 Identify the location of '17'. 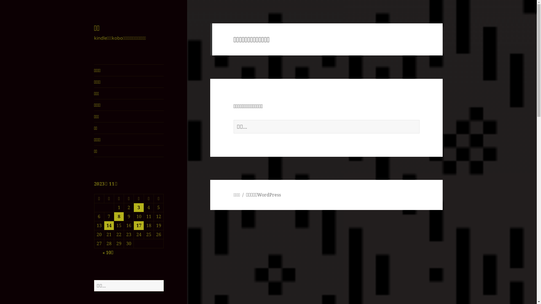
(138, 225).